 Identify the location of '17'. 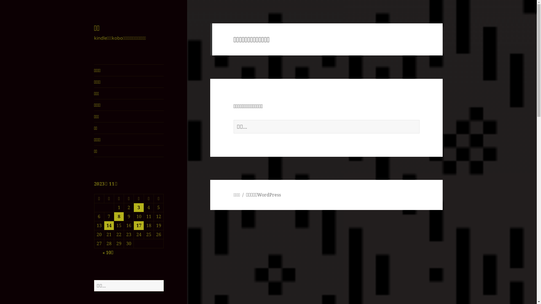
(138, 225).